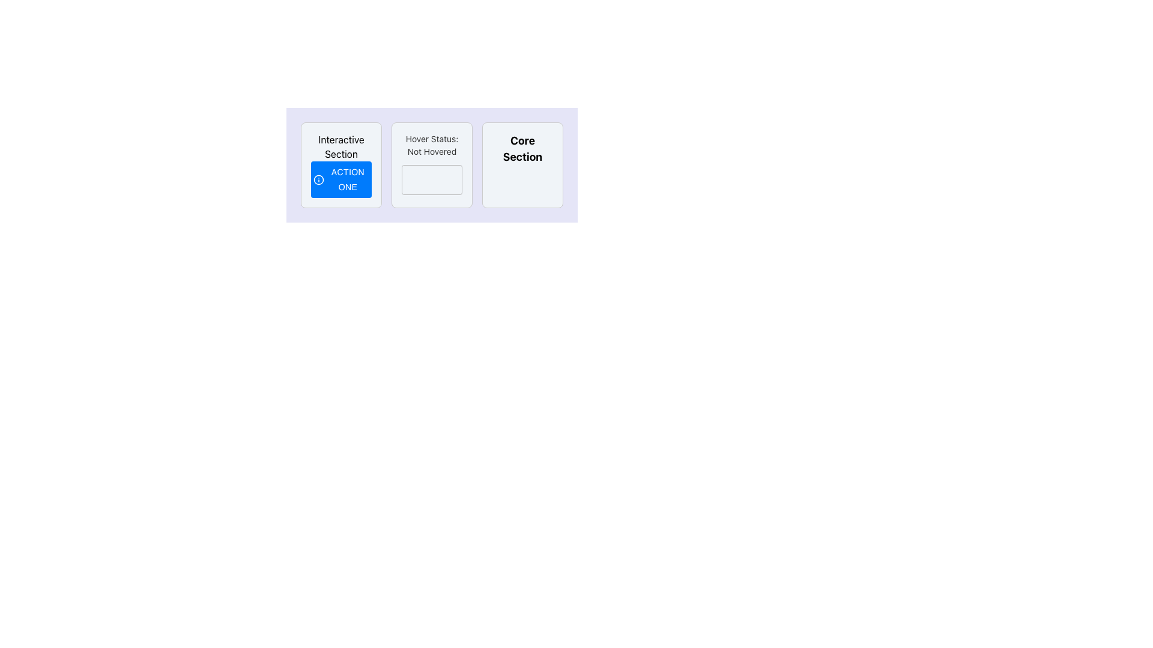  What do you see at coordinates (522, 165) in the screenshot?
I see `the styled text-based UI component labeled 'Core Section', which is a prominent section header with bold black text on a light background` at bounding box center [522, 165].